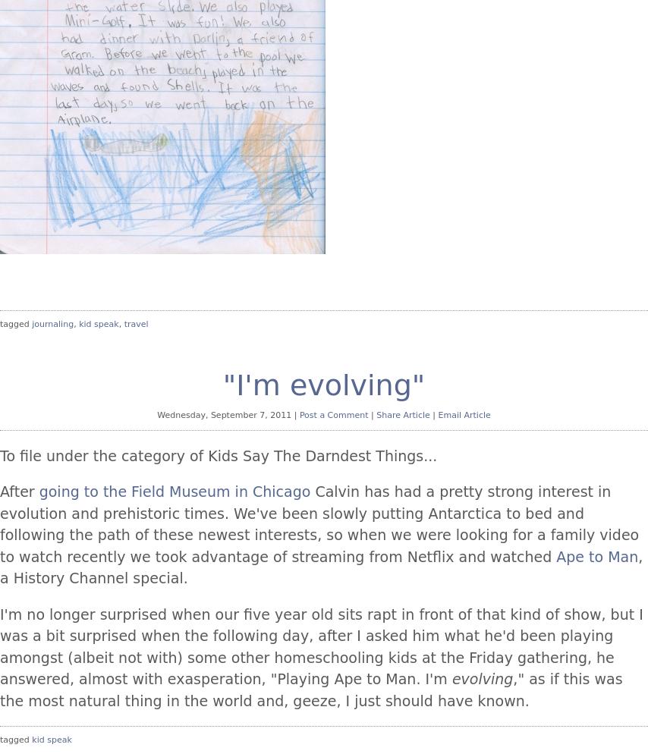 The image size is (648, 754). What do you see at coordinates (323, 385) in the screenshot?
I see `'"I'm evolving"'` at bounding box center [323, 385].